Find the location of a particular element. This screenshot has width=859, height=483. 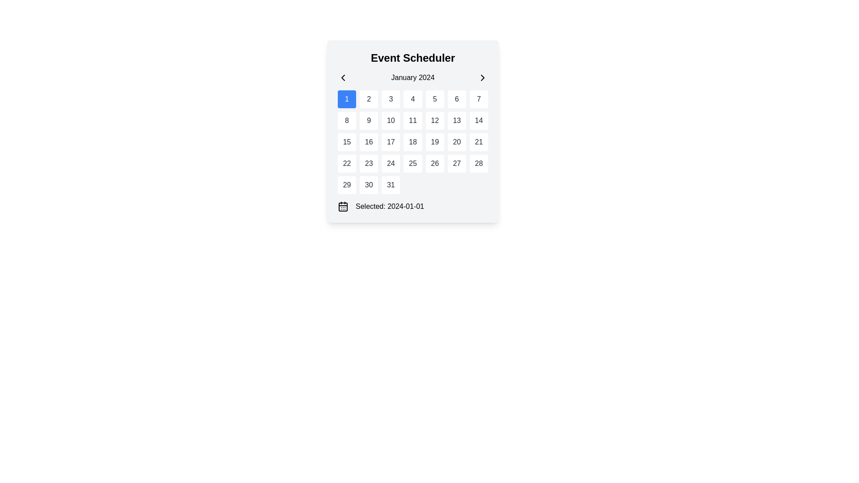

the button representing the date '3' in the calendar view is located at coordinates (391, 99).